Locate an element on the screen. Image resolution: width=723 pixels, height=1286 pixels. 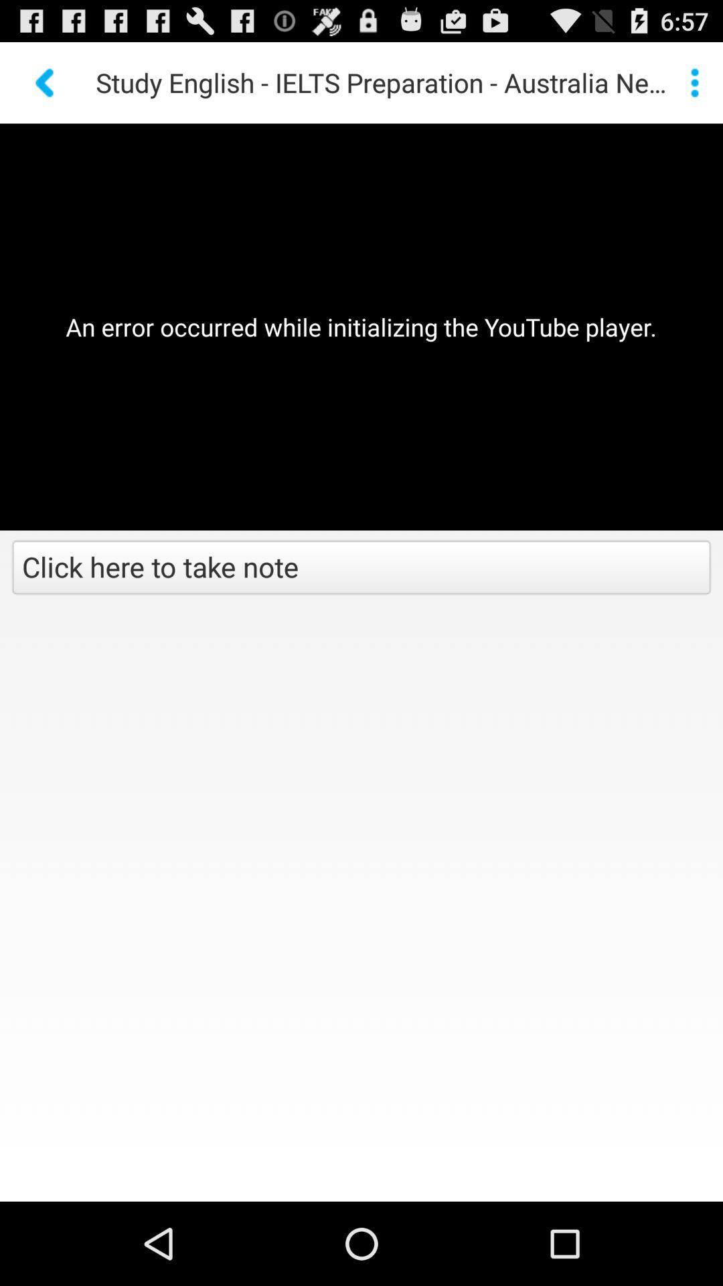
icon at the top left corner is located at coordinates (46, 82).